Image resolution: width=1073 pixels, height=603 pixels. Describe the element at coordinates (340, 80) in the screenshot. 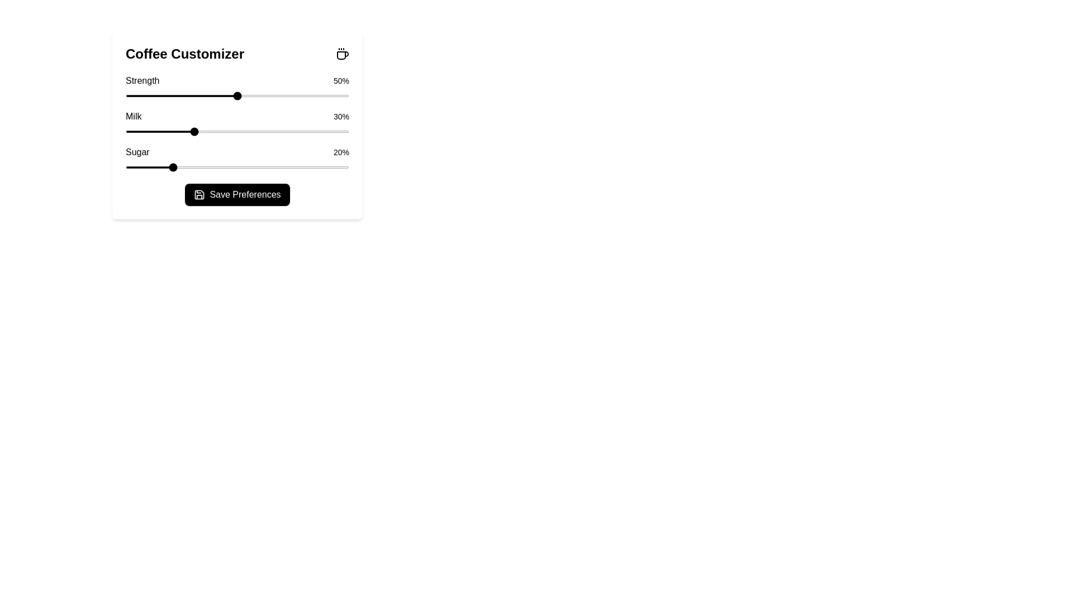

I see `the 'Strength' percentage value text label located on the far right of the 'Strength' row` at that location.